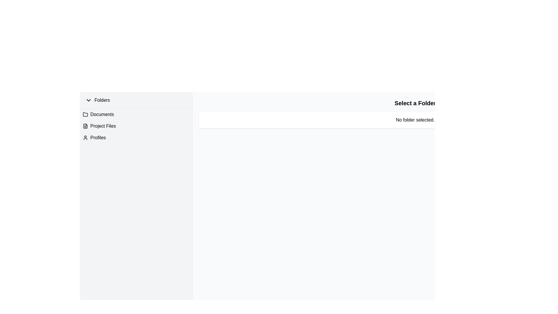 This screenshot has height=314, width=558. What do you see at coordinates (103, 126) in the screenshot?
I see `the 'Project Files' text label located` at bounding box center [103, 126].